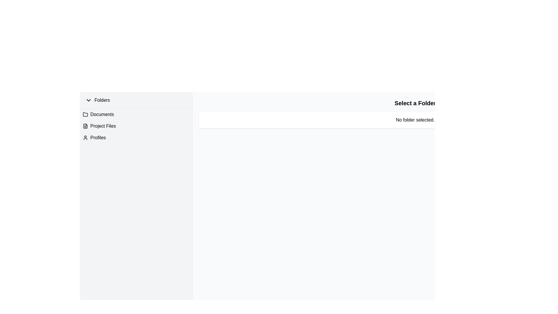 This screenshot has height=314, width=558. What do you see at coordinates (103, 126) in the screenshot?
I see `the 'Project Files' text label located` at bounding box center [103, 126].